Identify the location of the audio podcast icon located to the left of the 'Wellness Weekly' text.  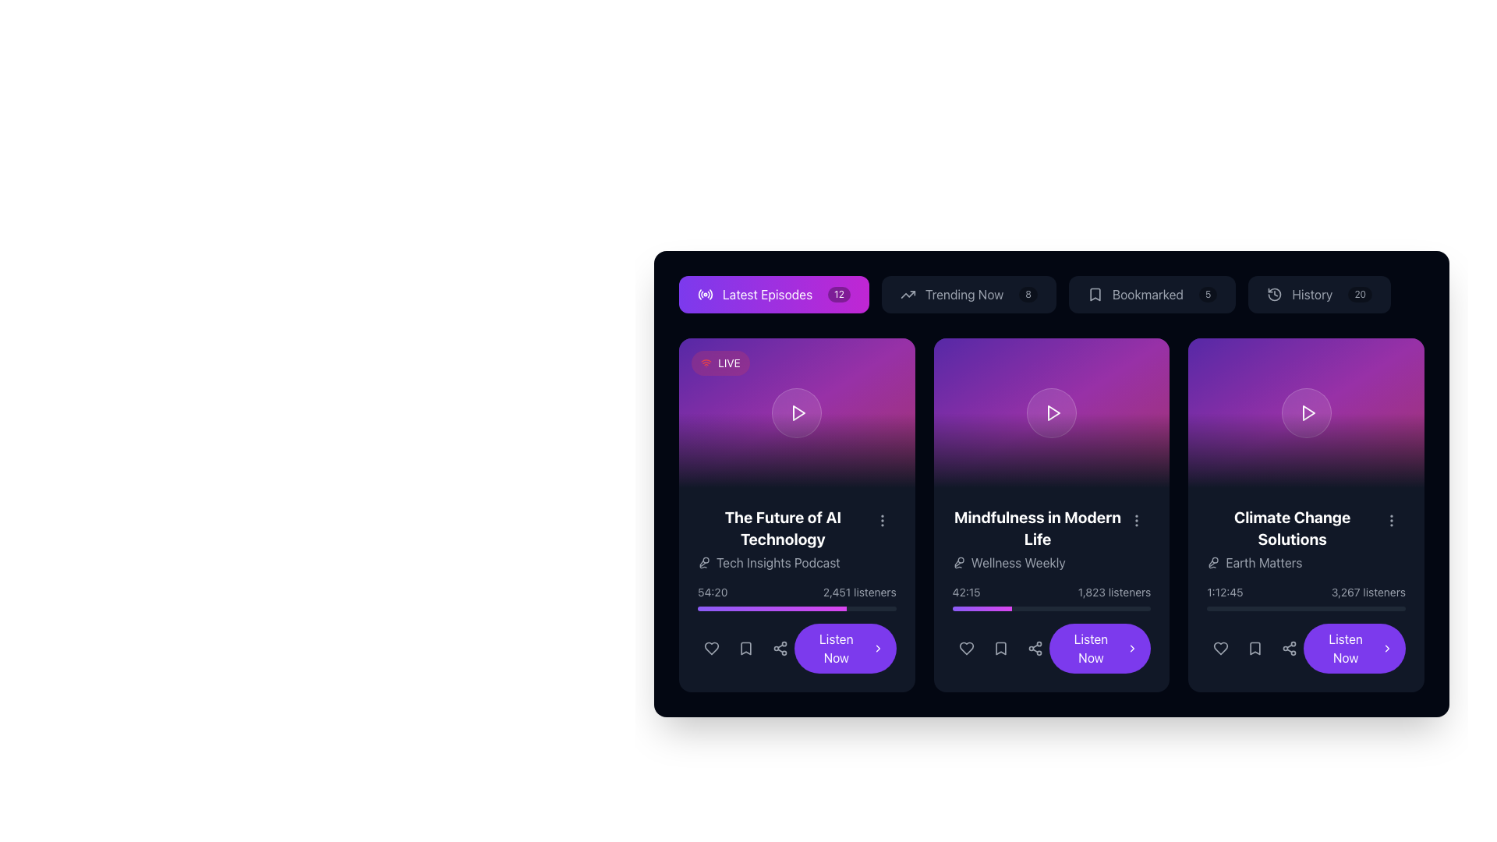
(957, 562).